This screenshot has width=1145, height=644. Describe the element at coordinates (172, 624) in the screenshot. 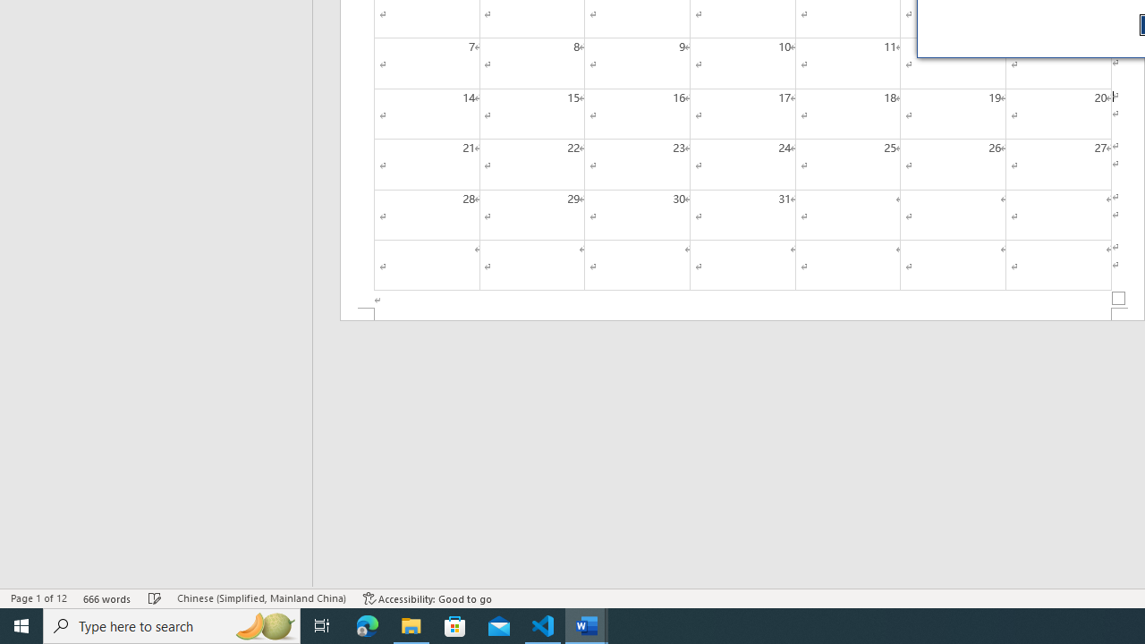

I see `'Type here to search'` at that location.